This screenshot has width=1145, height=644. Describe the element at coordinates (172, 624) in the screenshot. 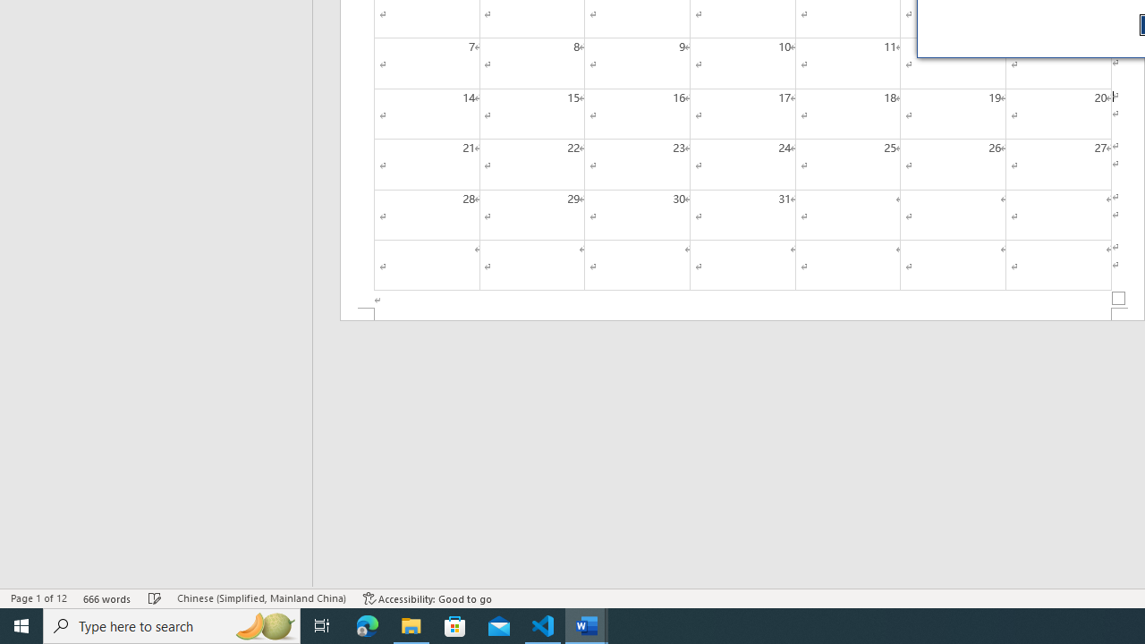

I see `'Type here to search'` at that location.